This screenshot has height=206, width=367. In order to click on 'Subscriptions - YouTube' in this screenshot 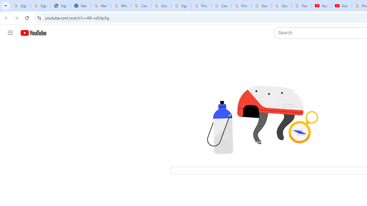, I will do `click(342, 6)`.